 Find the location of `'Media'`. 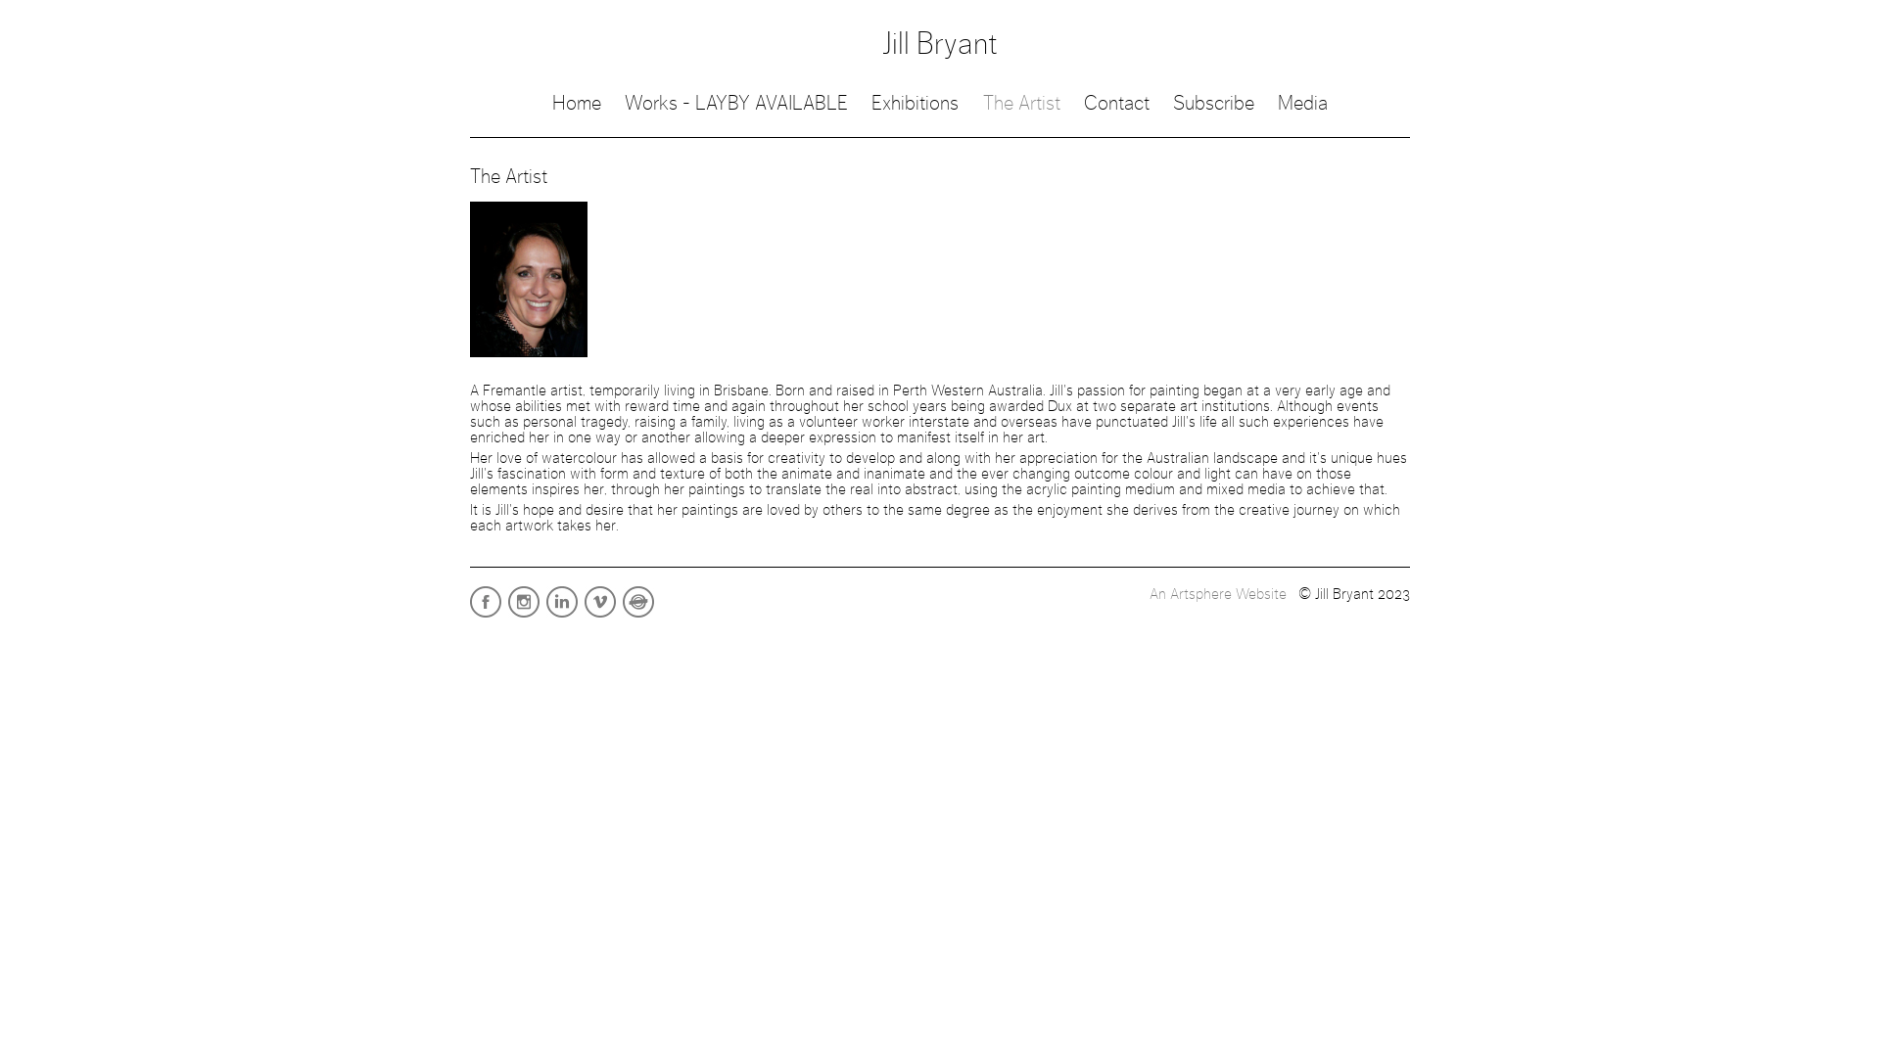

'Media' is located at coordinates (1278, 103).